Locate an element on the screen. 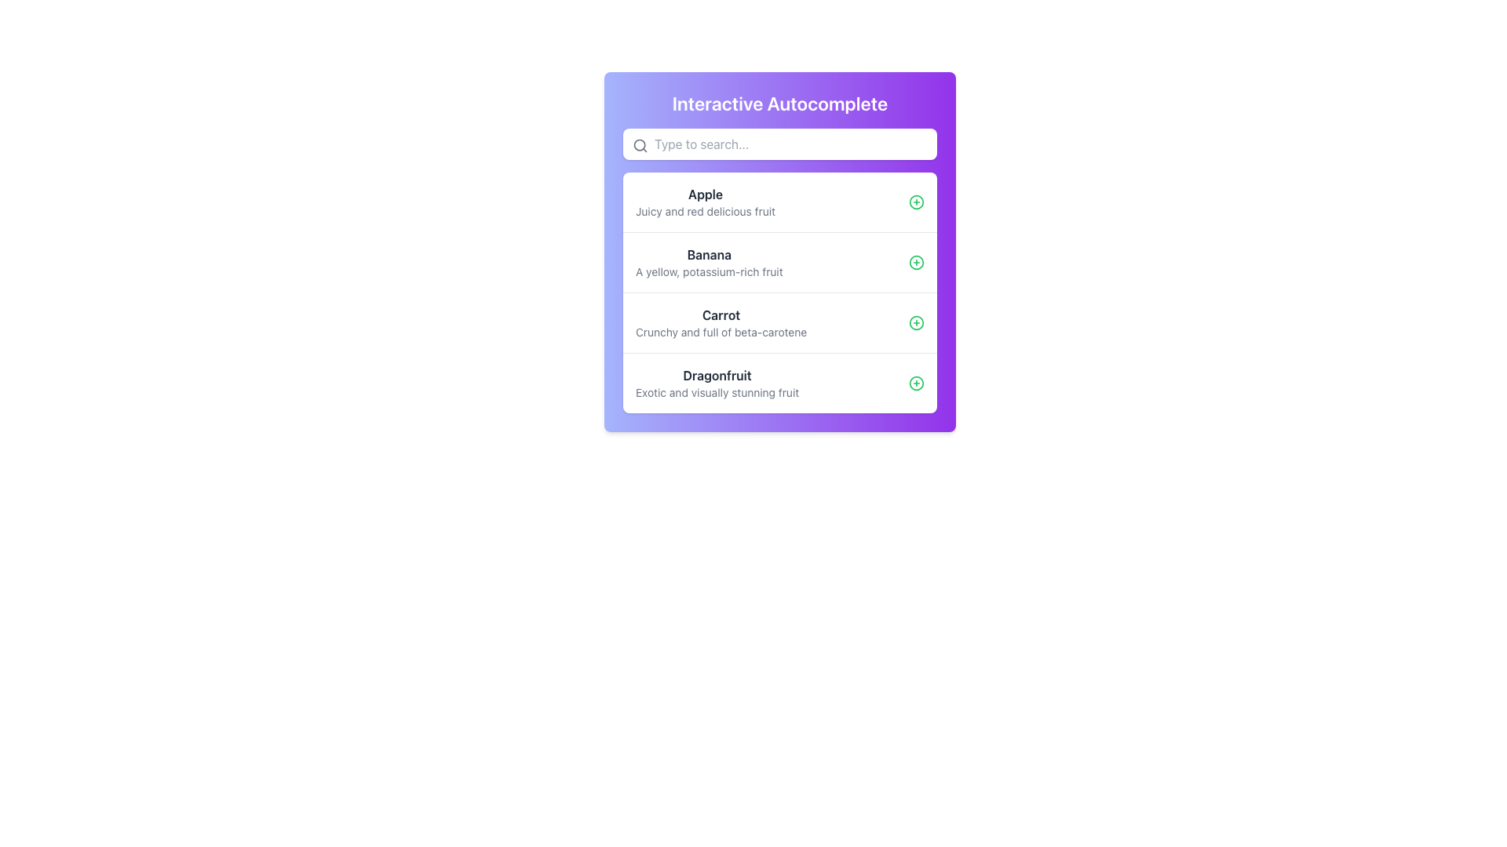  the static text label providing additional information about the 'Carrot' item, which is located below the bold heading 'Carrot' as the third entry in the list is located at coordinates (721, 332).